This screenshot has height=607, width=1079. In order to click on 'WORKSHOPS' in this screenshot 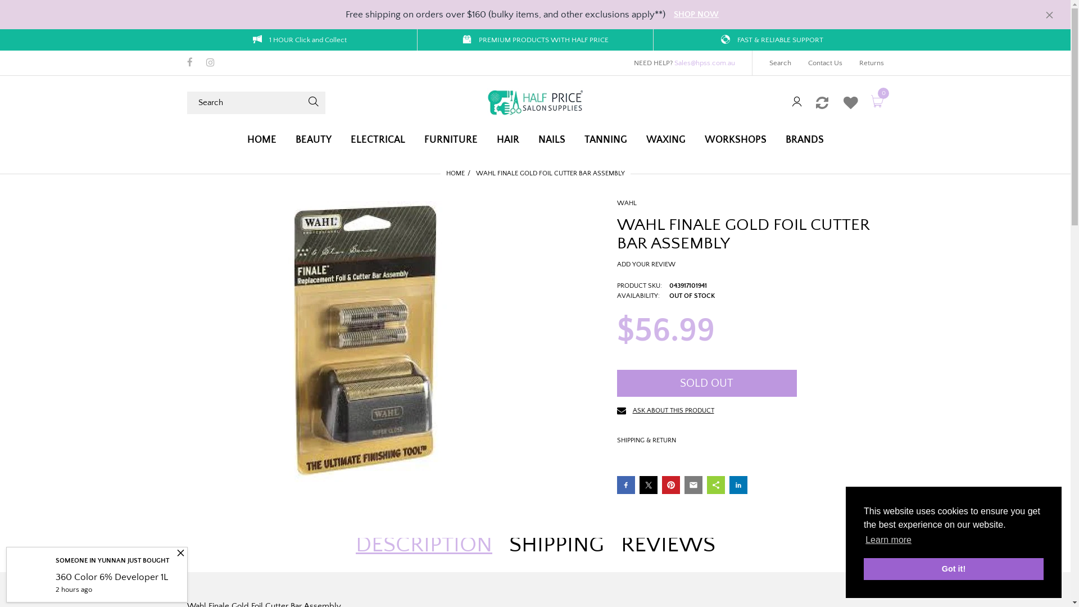, I will do `click(736, 139)`.